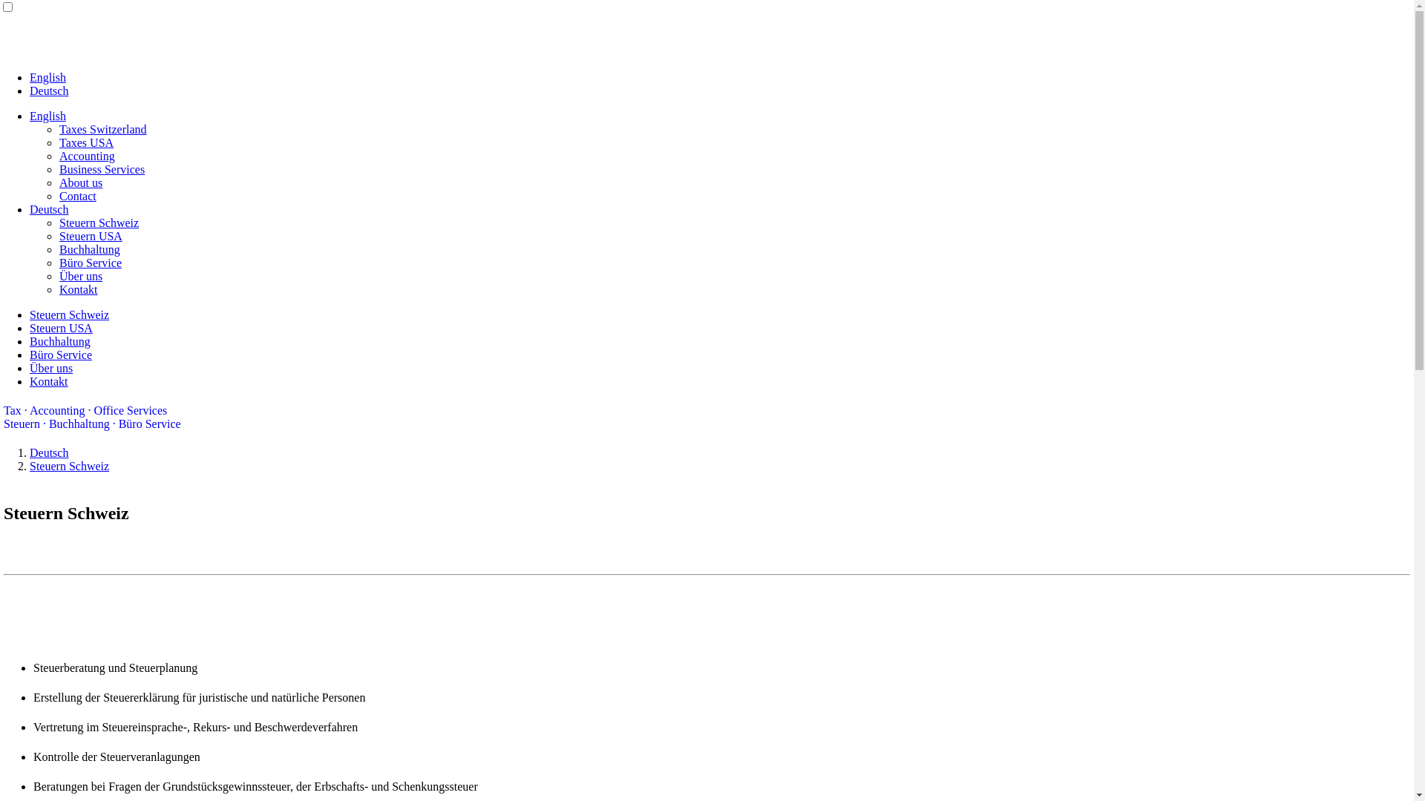  What do you see at coordinates (49, 90) in the screenshot?
I see `'Deutsch'` at bounding box center [49, 90].